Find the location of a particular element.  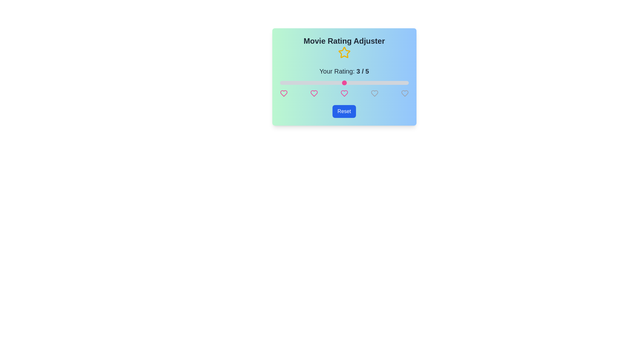

the rating slider to 1 is located at coordinates (280, 83).